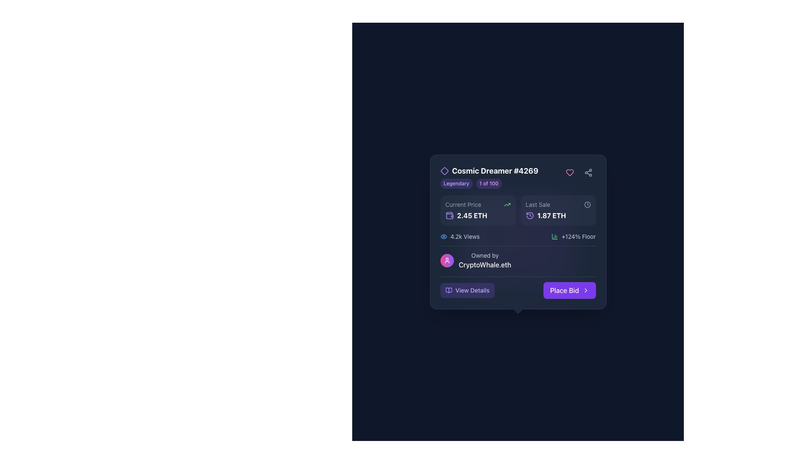  I want to click on 'Last Sale' text label, which is a small slate-colored font aligned left of a clock icon in the upper-right section of the card interface, so click(537, 204).